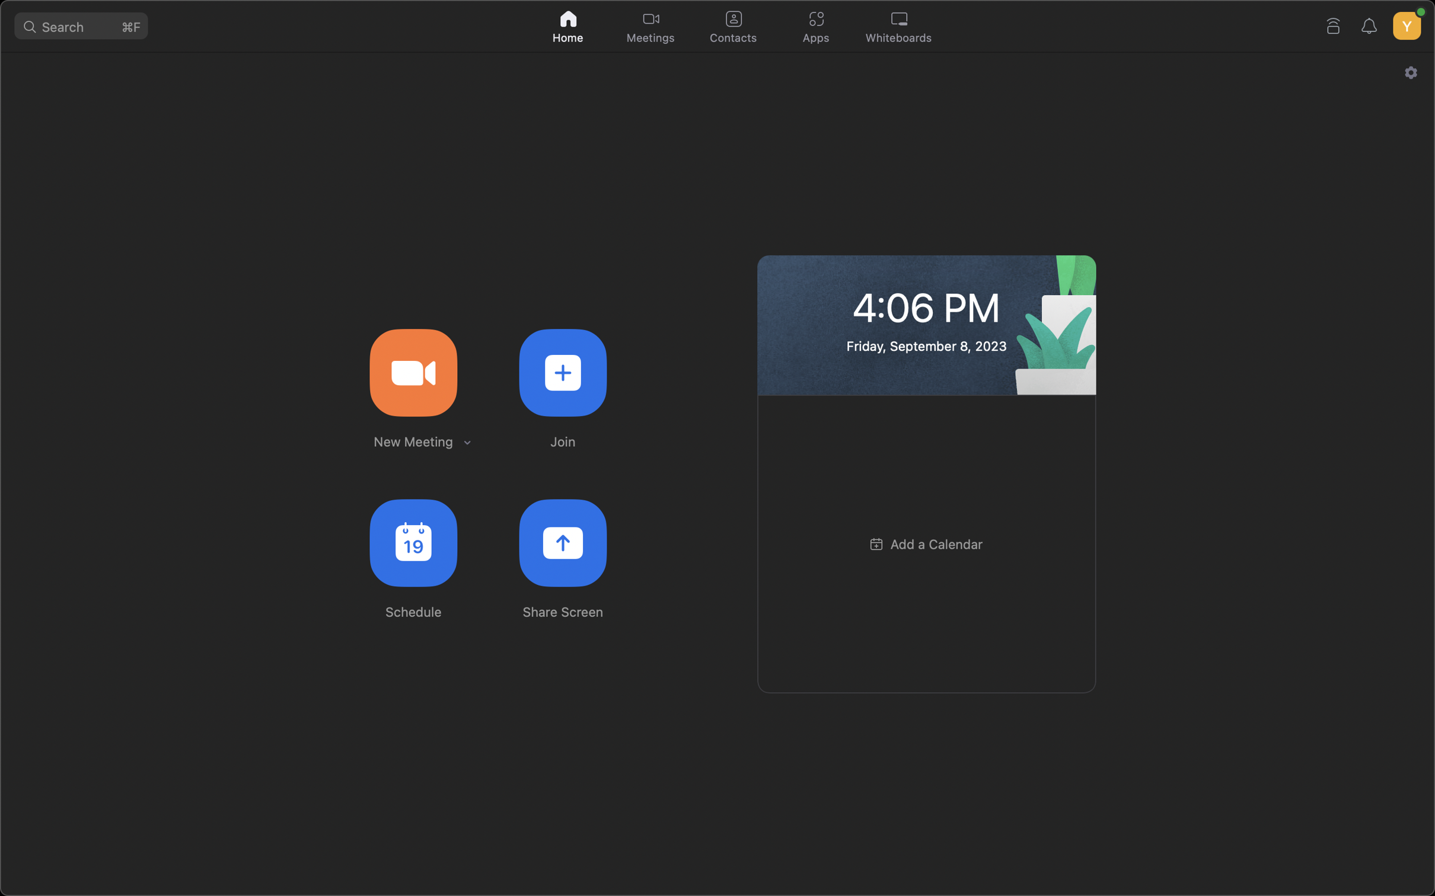 This screenshot has height=896, width=1435. What do you see at coordinates (1405, 23) in the screenshot?
I see `your profile preferences by hitting the account button` at bounding box center [1405, 23].